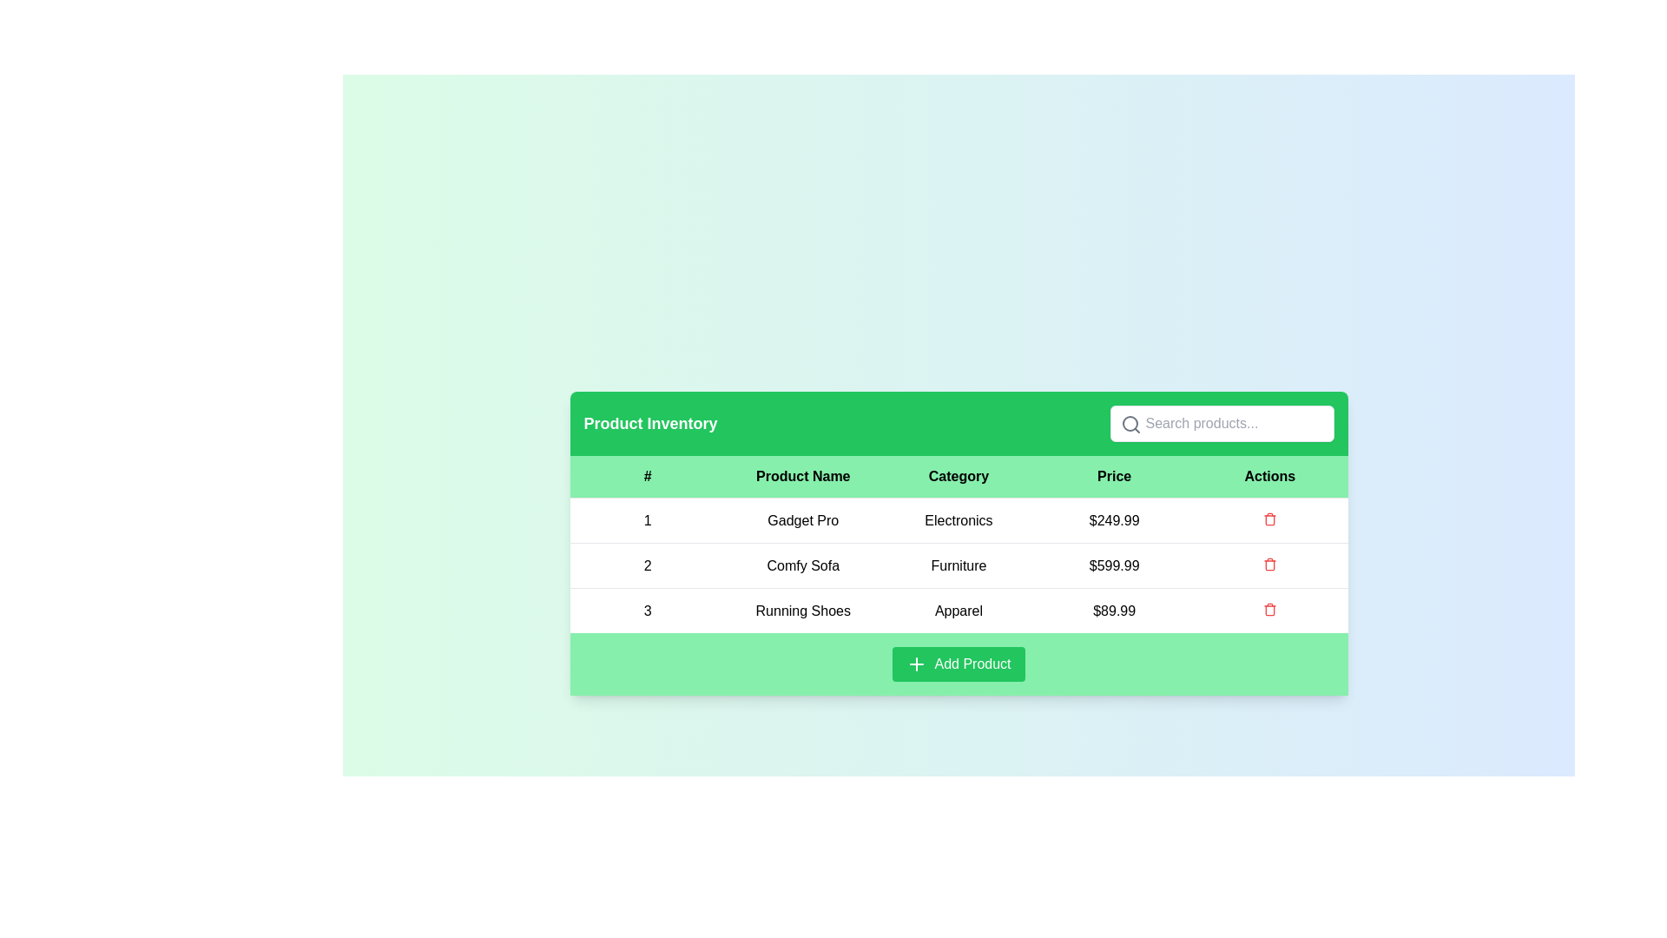  I want to click on the red circular button with a trash can icon, so click(1269, 565).